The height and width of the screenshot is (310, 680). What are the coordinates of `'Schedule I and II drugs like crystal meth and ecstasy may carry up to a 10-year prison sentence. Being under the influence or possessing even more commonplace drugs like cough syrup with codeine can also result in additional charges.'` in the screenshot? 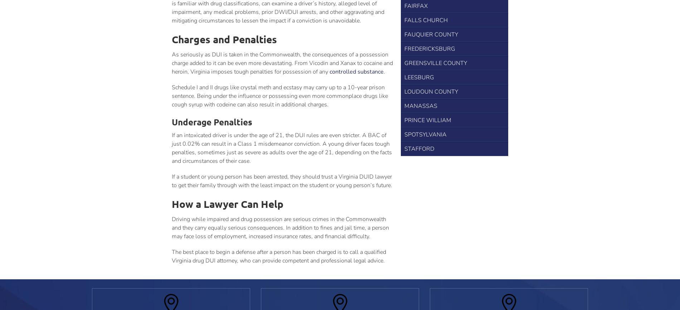 It's located at (280, 96).